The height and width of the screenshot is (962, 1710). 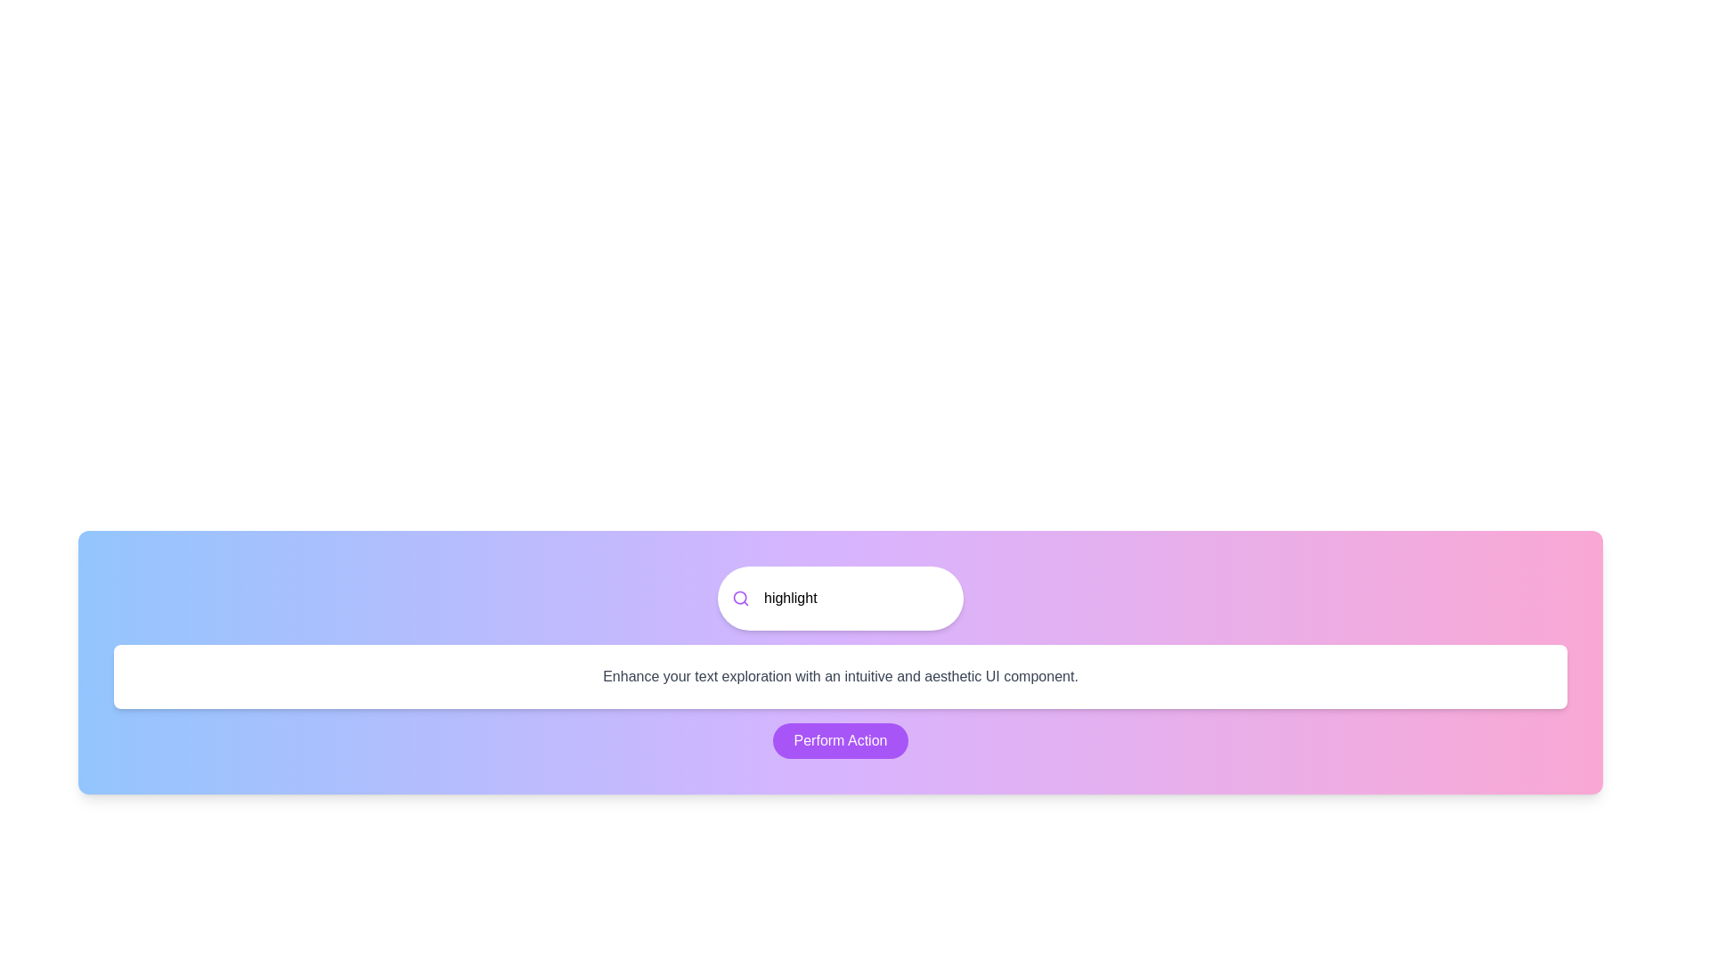 I want to click on the search icon, which is styled as a magnifying glass with a purple outline, located in a rounded white box at the top of the layout, positioned to the left of the 'highlight' text input field, so click(x=740, y=598).